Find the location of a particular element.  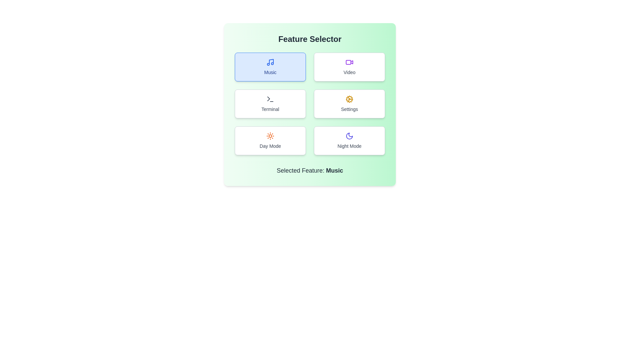

the 'Day Mode' button located in the bottom-left cell of the 2x3 grid layout, which is the fifth element and is directly below the 'Terminal' button and to the left of the 'Night Mode' button is located at coordinates (270, 140).